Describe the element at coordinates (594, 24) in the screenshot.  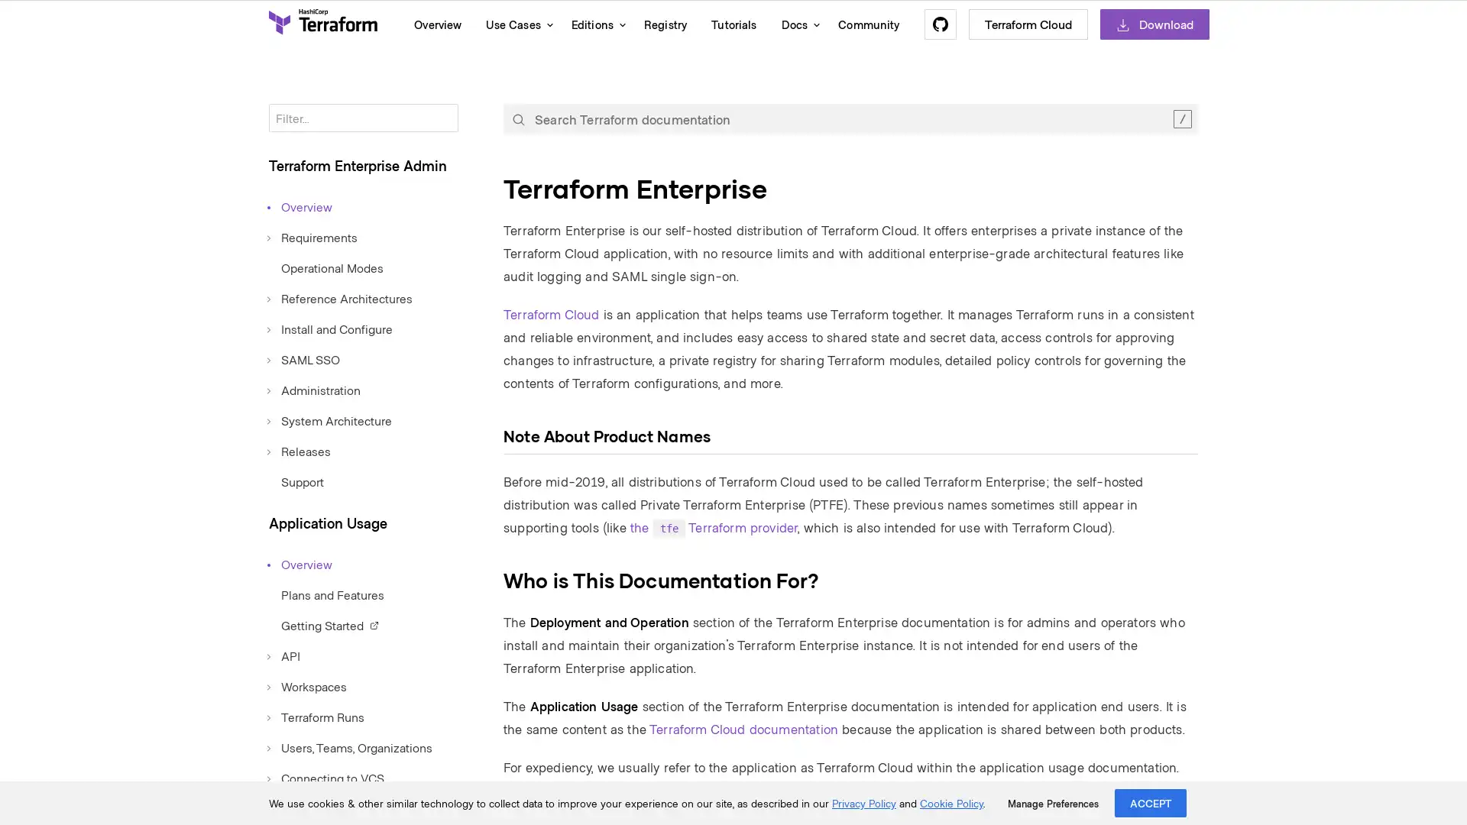
I see `Editions` at that location.